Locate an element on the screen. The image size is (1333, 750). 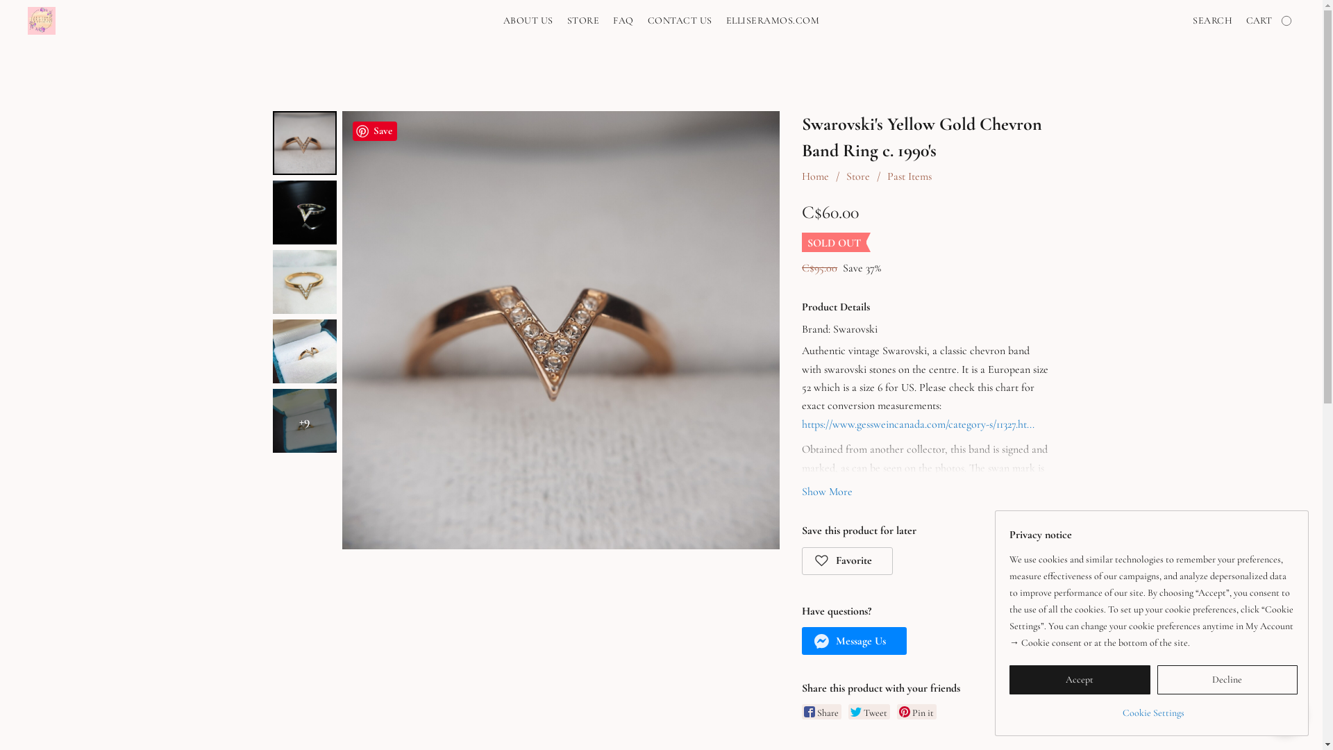
'Decline' is located at coordinates (1227, 679).